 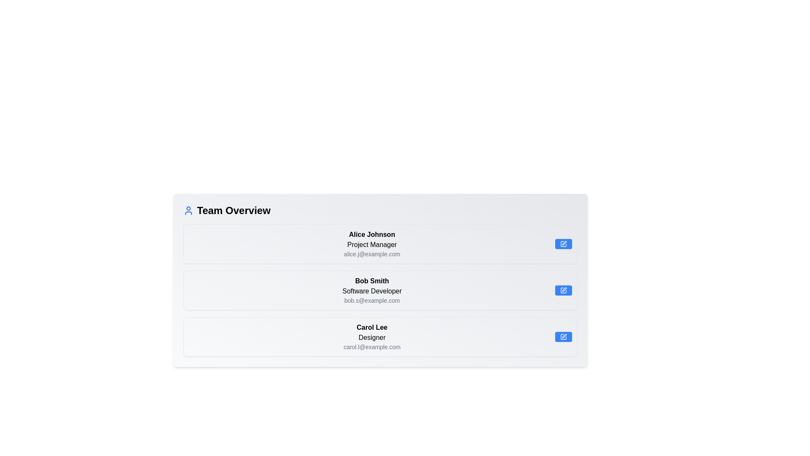 What do you see at coordinates (372, 244) in the screenshot?
I see `the second text label describing the role of 'Alice Johnson', which is positioned between 'Alice Johnson' and 'alice.j@example.com'` at bounding box center [372, 244].